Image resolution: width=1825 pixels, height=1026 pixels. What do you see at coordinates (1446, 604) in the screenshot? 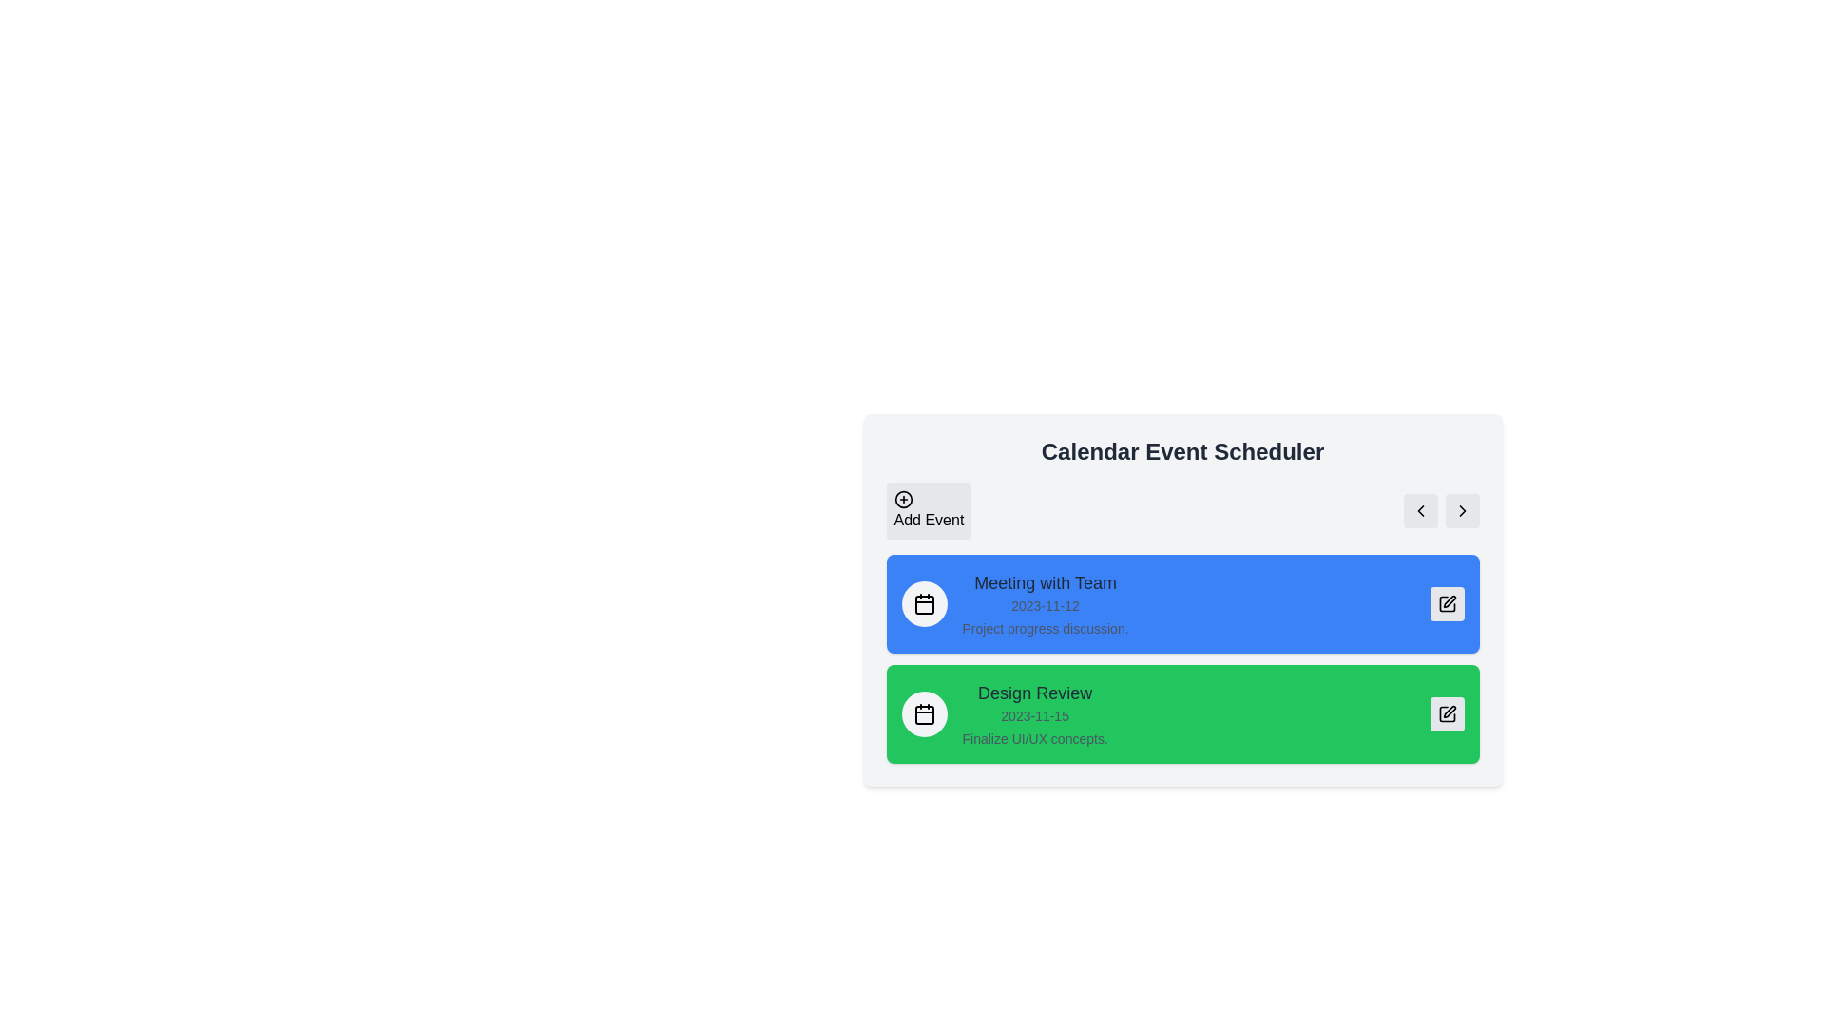
I see `the pencil icon on the blue background located at the top-right corner of the 'Meeting with Team' card` at bounding box center [1446, 604].